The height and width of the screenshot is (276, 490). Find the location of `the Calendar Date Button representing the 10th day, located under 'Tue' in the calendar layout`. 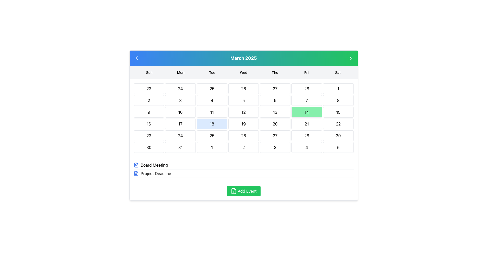

the Calendar Date Button representing the 10th day, located under 'Tue' in the calendar layout is located at coordinates (180, 112).